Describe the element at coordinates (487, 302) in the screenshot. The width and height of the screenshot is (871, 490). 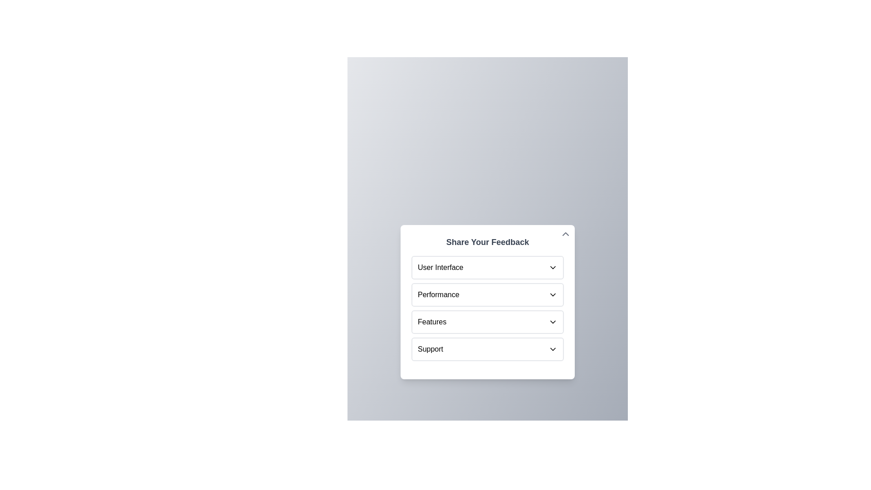
I see `the 'Performance' dropdown menu, which is the second item under 'Share Your Feedback'` at that location.